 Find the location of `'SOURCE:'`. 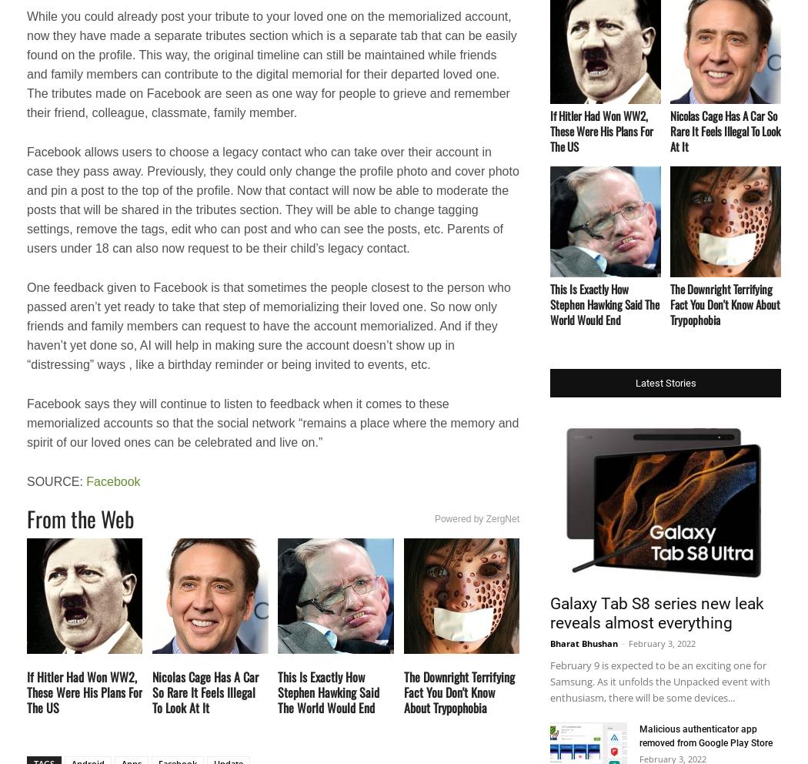

'SOURCE:' is located at coordinates (55, 481).